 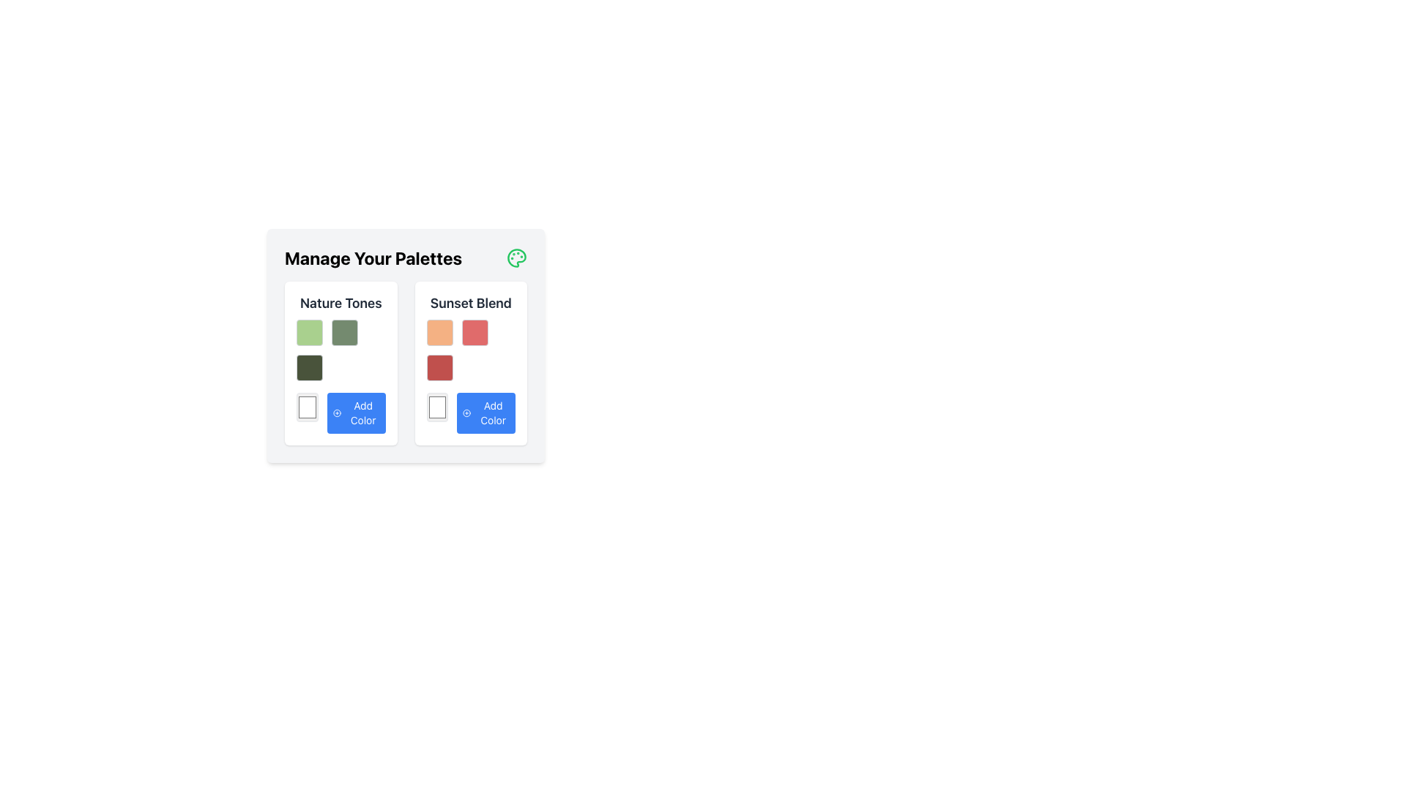 I want to click on the blue 'Add Color' button with white text and a plus icon located in the 'Nature Tones' section, so click(x=356, y=413).